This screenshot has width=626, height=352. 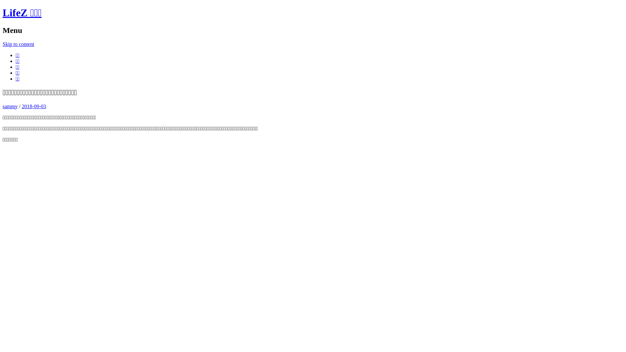 I want to click on 'Skip to content', so click(x=18, y=44).